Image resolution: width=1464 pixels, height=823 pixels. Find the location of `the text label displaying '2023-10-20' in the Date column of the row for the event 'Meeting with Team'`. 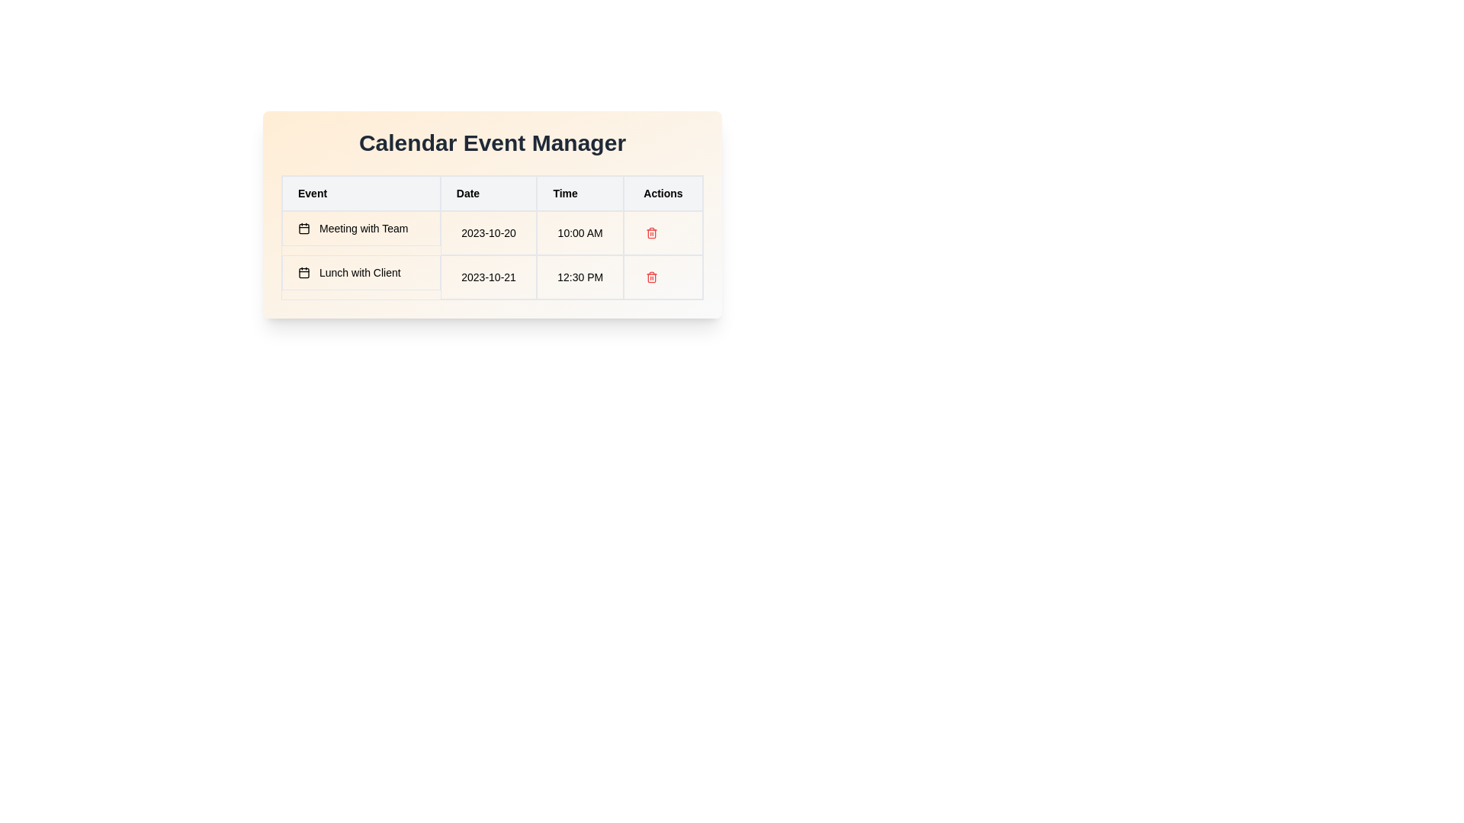

the text label displaying '2023-10-20' in the Date column of the row for the event 'Meeting with Team' is located at coordinates (493, 232).